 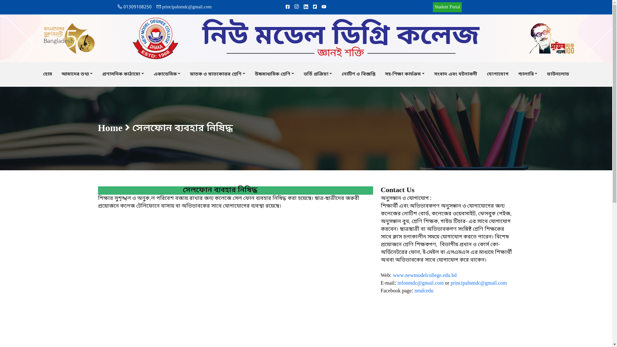 What do you see at coordinates (110, 129) in the screenshot?
I see `'Home'` at bounding box center [110, 129].